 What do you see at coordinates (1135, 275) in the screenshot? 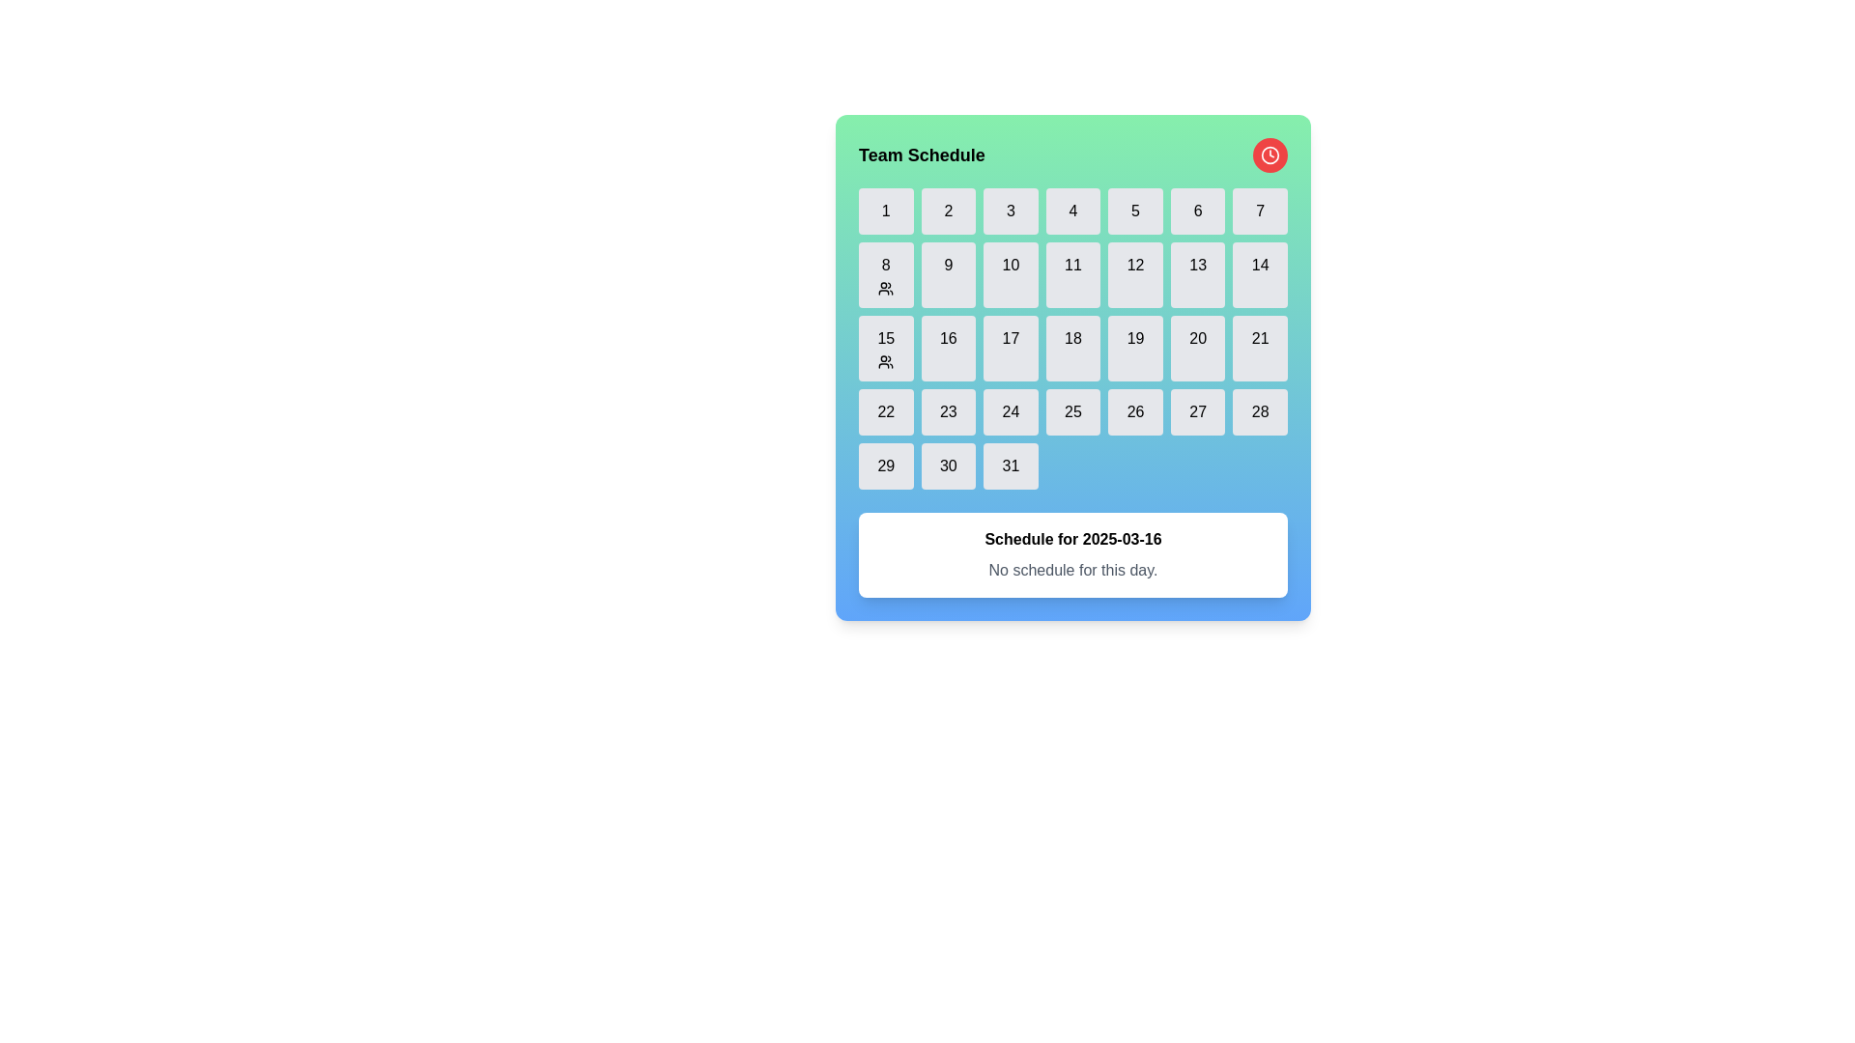
I see `the calendar date button displaying '12'` at bounding box center [1135, 275].